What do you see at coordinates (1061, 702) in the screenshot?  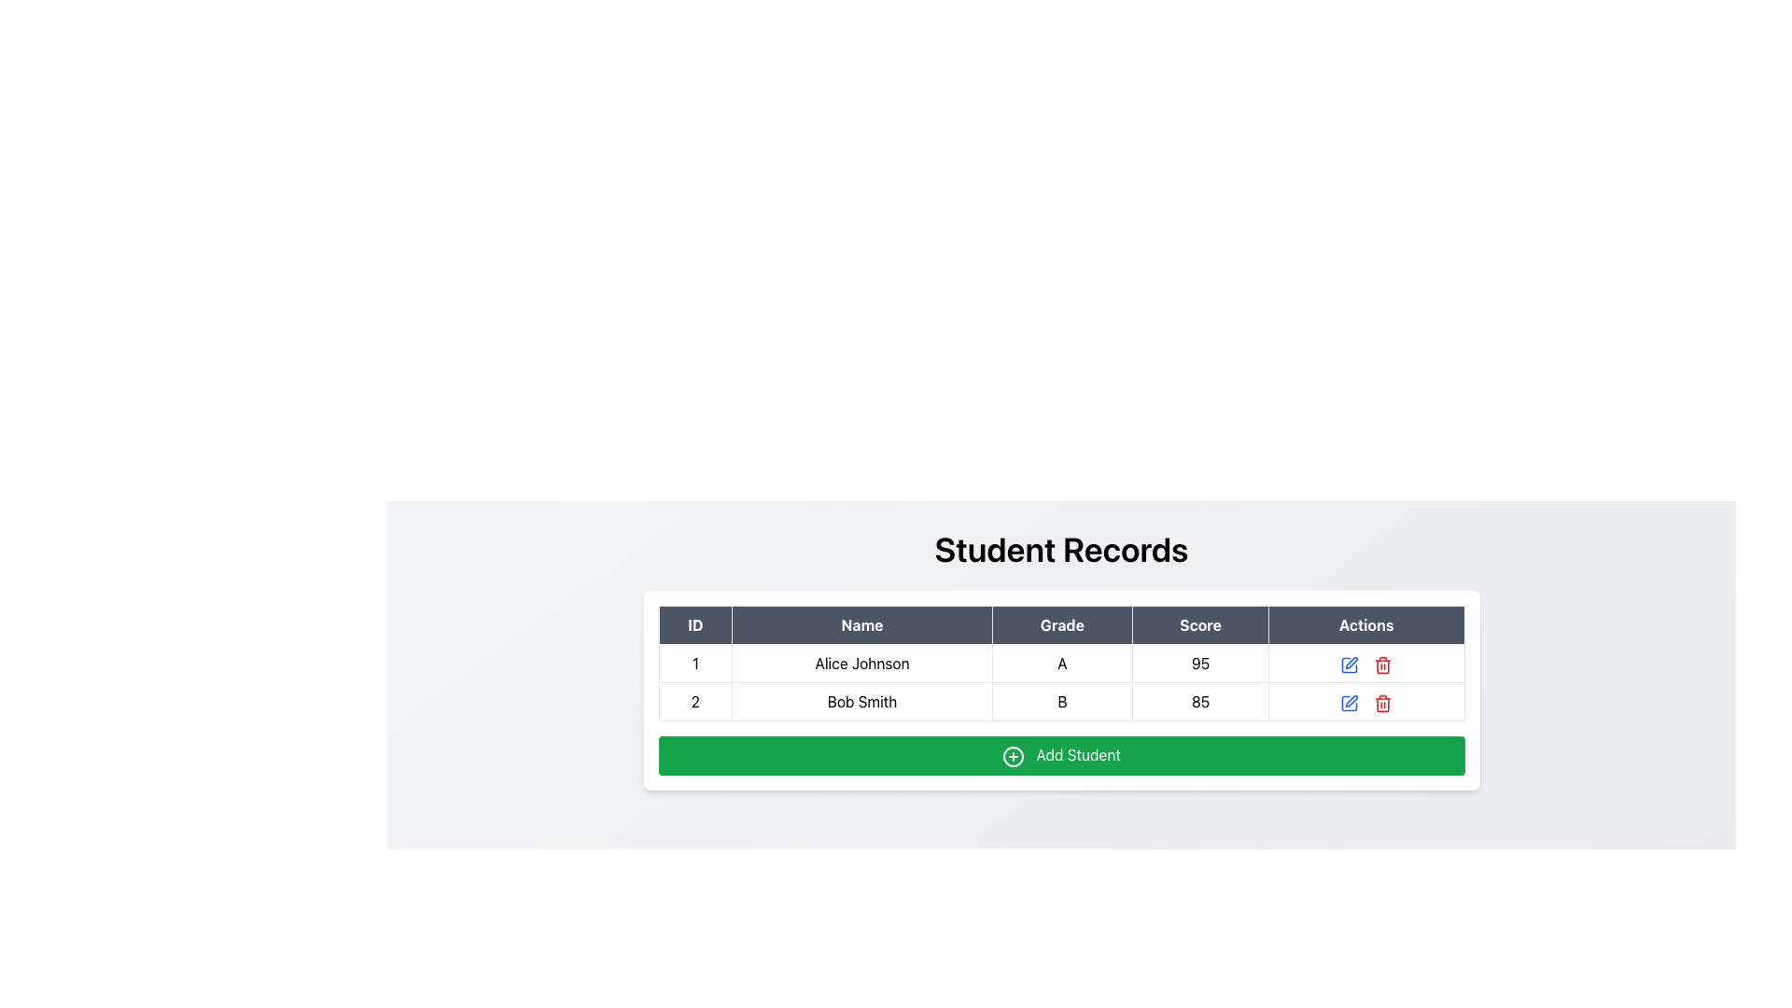 I see `the Table Cell displaying the grade for the student named Bob Smith, located in the second row of the table in the Grade column` at bounding box center [1061, 702].